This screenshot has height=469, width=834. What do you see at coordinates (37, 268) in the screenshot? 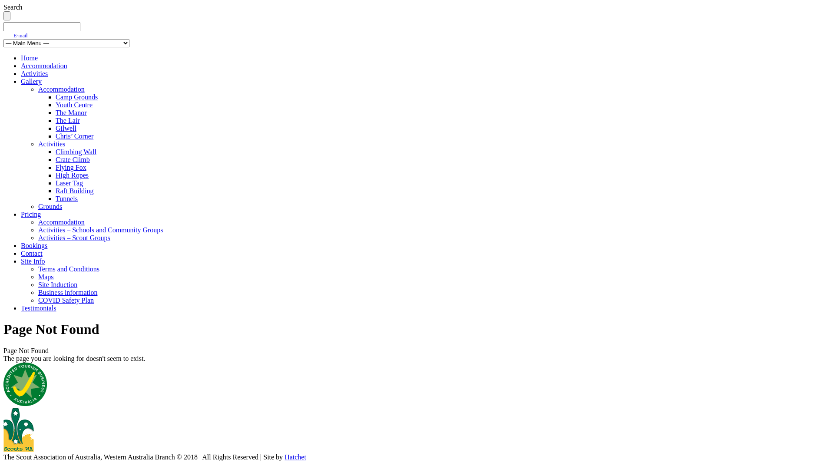
I see `'Terms and Conditions'` at bounding box center [37, 268].